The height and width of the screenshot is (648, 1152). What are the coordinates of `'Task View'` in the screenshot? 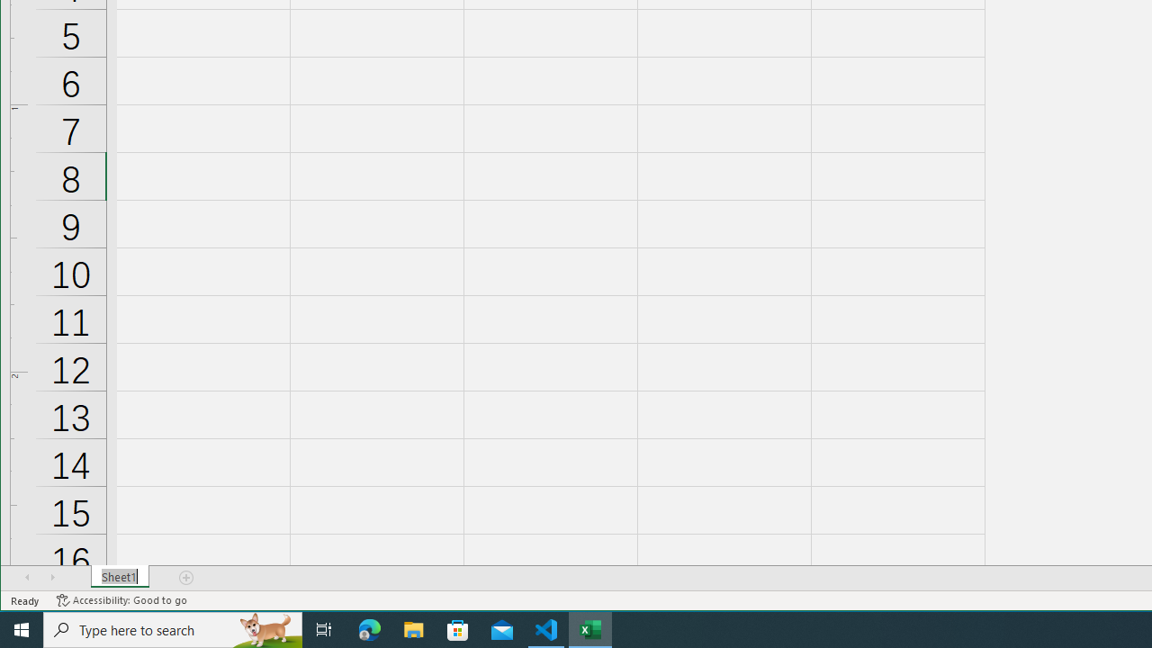 It's located at (323, 628).